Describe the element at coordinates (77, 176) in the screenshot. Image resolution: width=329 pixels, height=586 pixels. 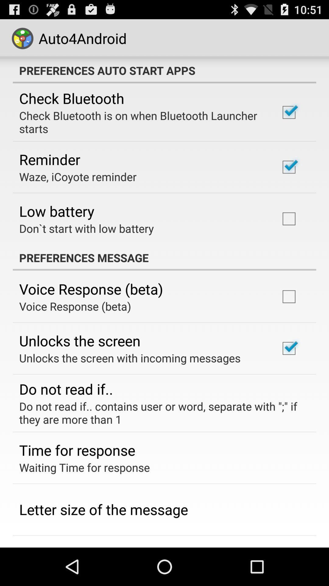
I see `the app above the low battery item` at that location.